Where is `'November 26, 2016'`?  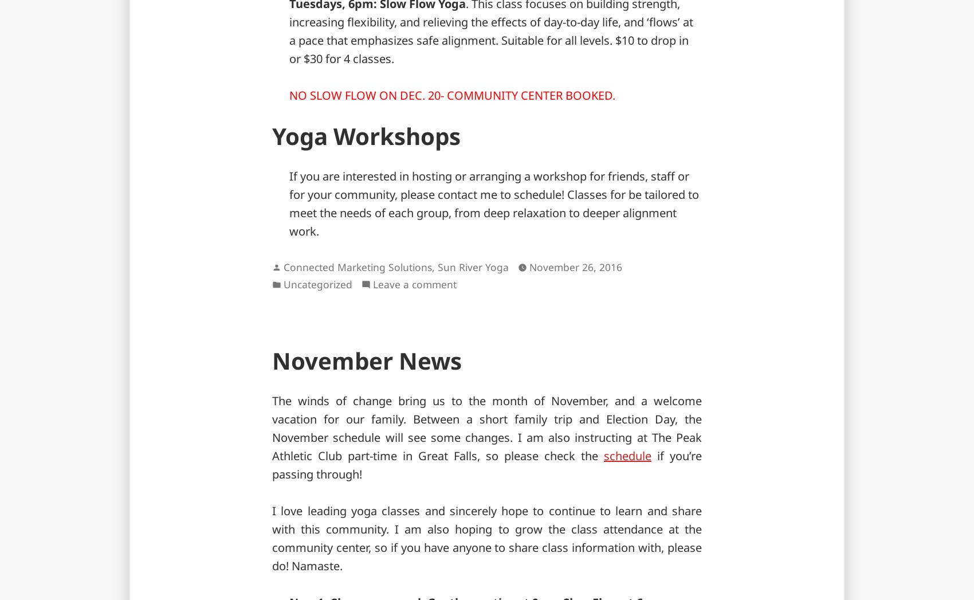 'November 26, 2016' is located at coordinates (575, 267).